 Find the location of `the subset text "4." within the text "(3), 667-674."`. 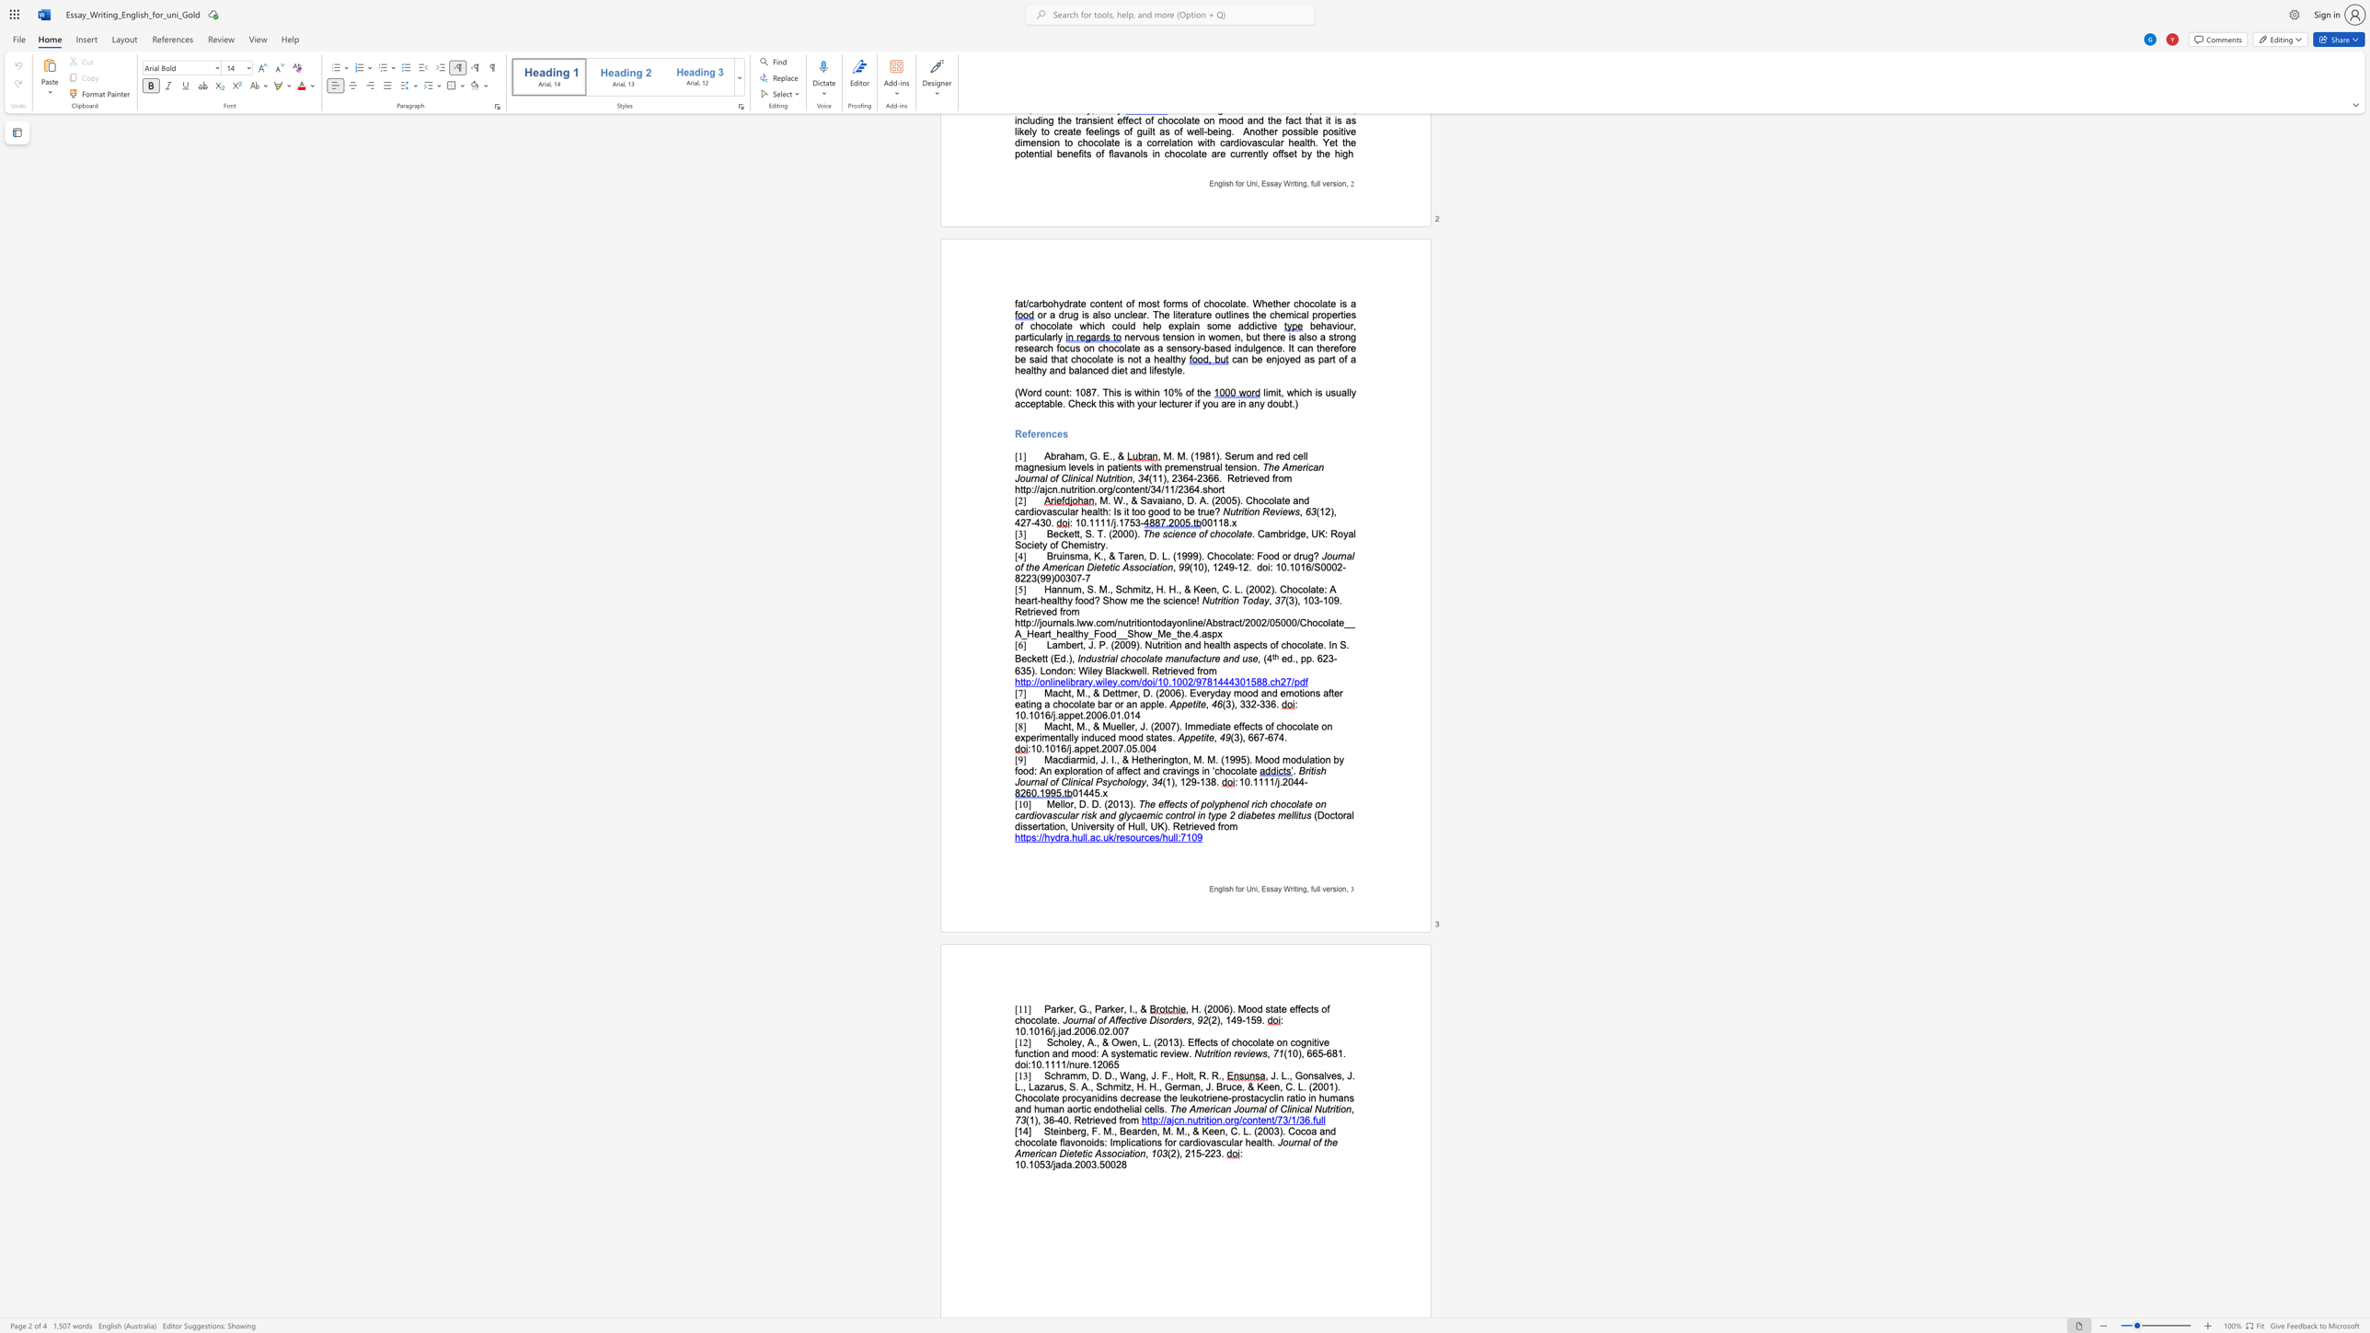

the subset text "4." within the text "(3), 667-674." is located at coordinates (1278, 737).